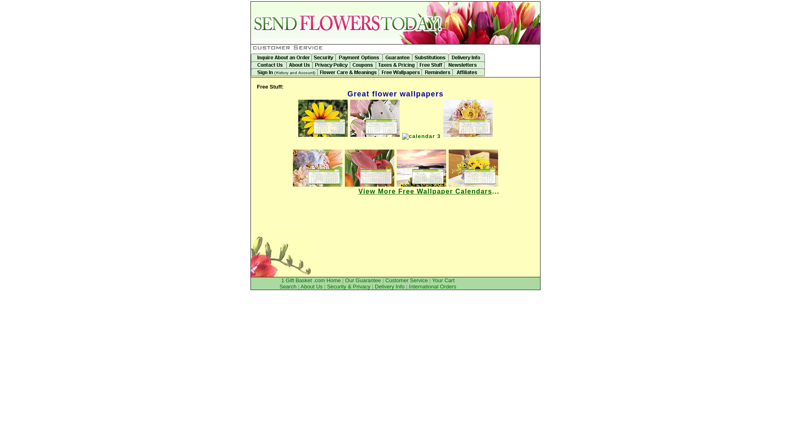  What do you see at coordinates (311, 280) in the screenshot?
I see `'1 Gift Basket .com Home'` at bounding box center [311, 280].